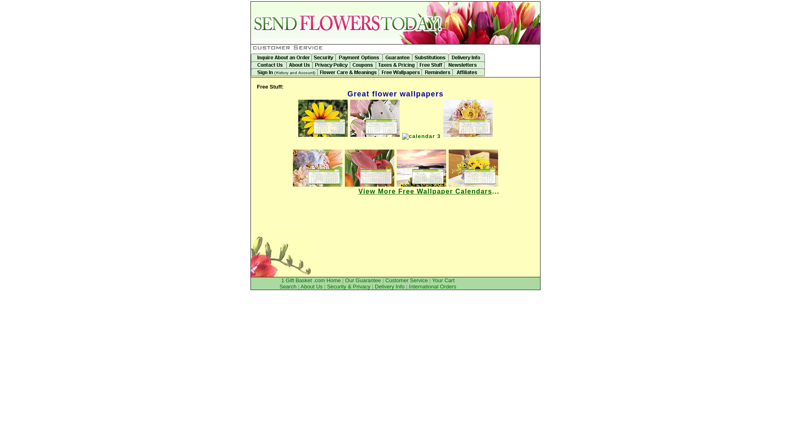  What do you see at coordinates (311, 280) in the screenshot?
I see `'1 Gift Basket .com Home'` at bounding box center [311, 280].